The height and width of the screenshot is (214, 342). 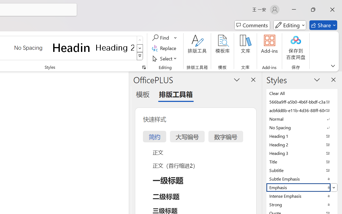 I want to click on 'Minimize', so click(x=294, y=9).